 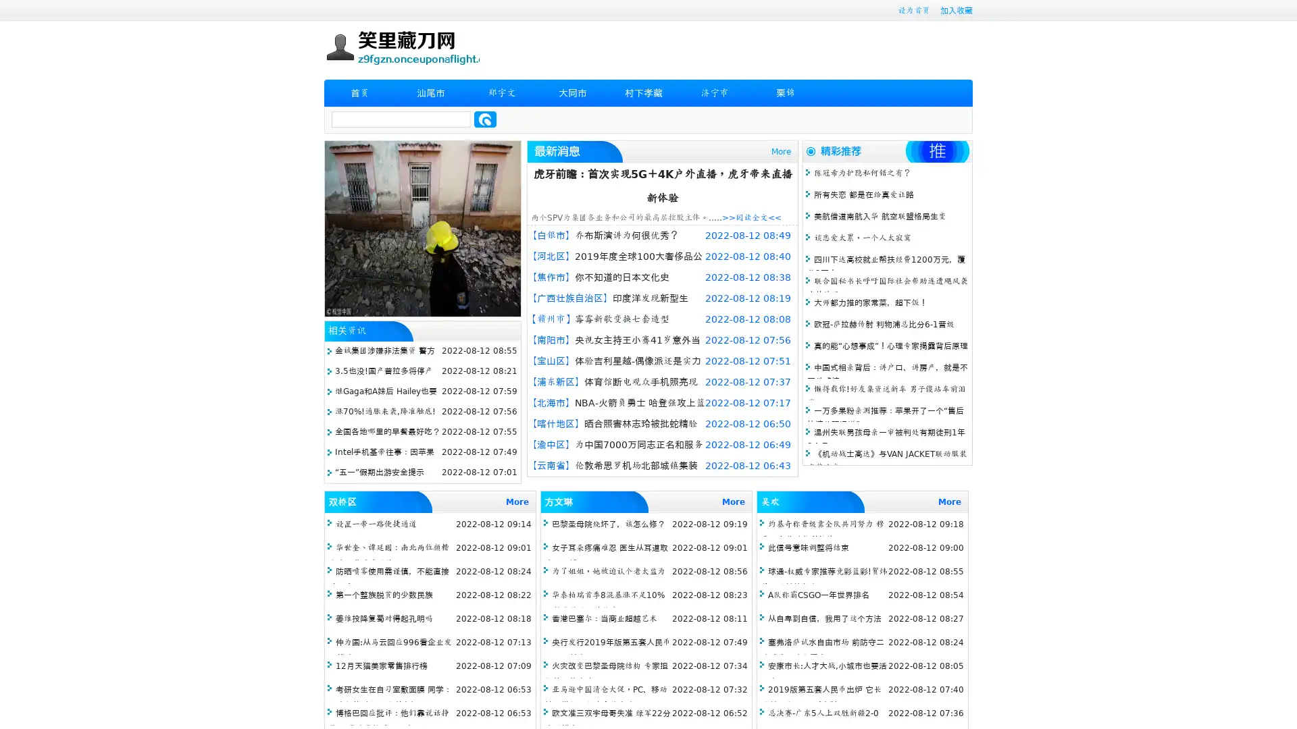 What do you see at coordinates (485, 119) in the screenshot?
I see `Search` at bounding box center [485, 119].